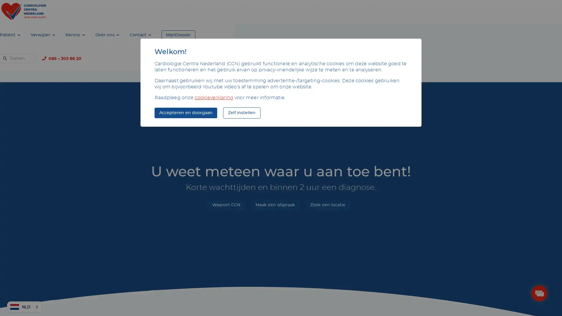 The width and height of the screenshot is (562, 316). I want to click on Zoek een locatie, so click(327, 181).